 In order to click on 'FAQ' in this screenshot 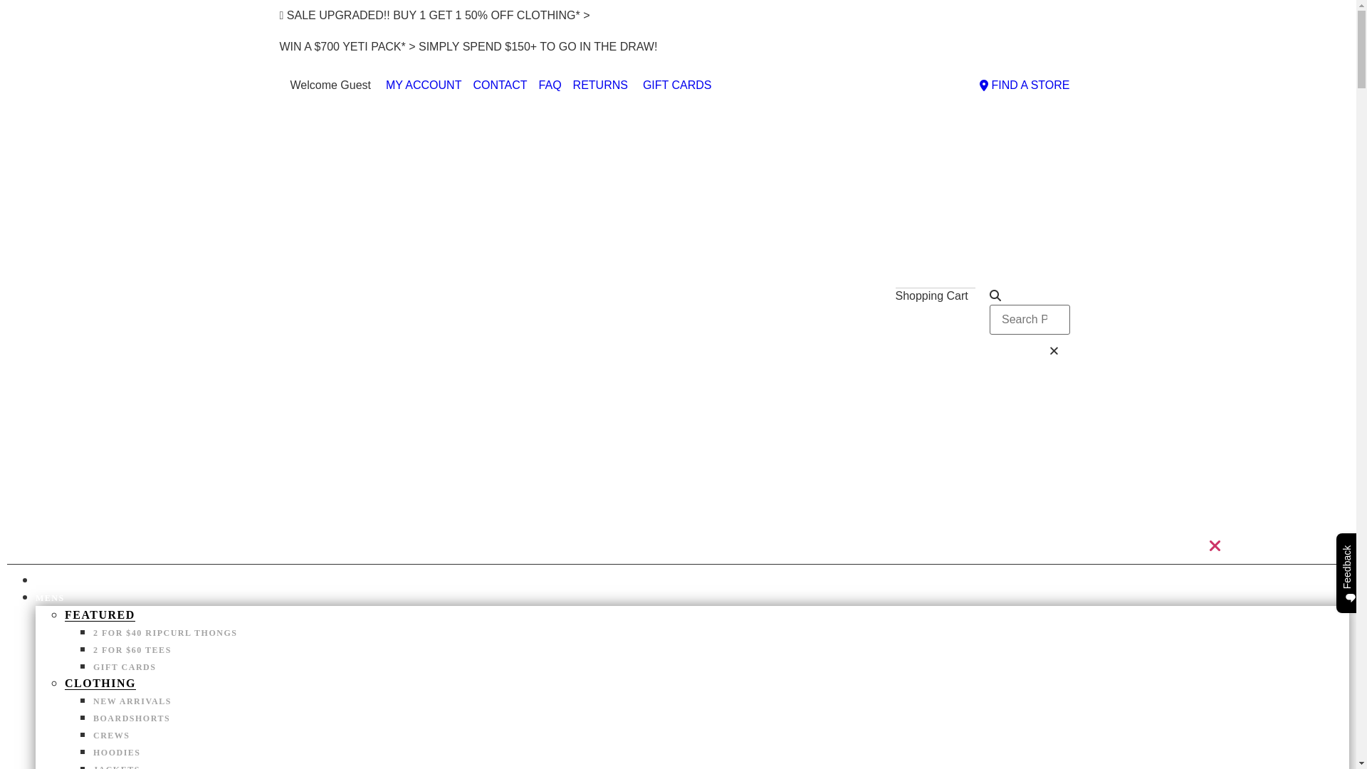, I will do `click(549, 85)`.